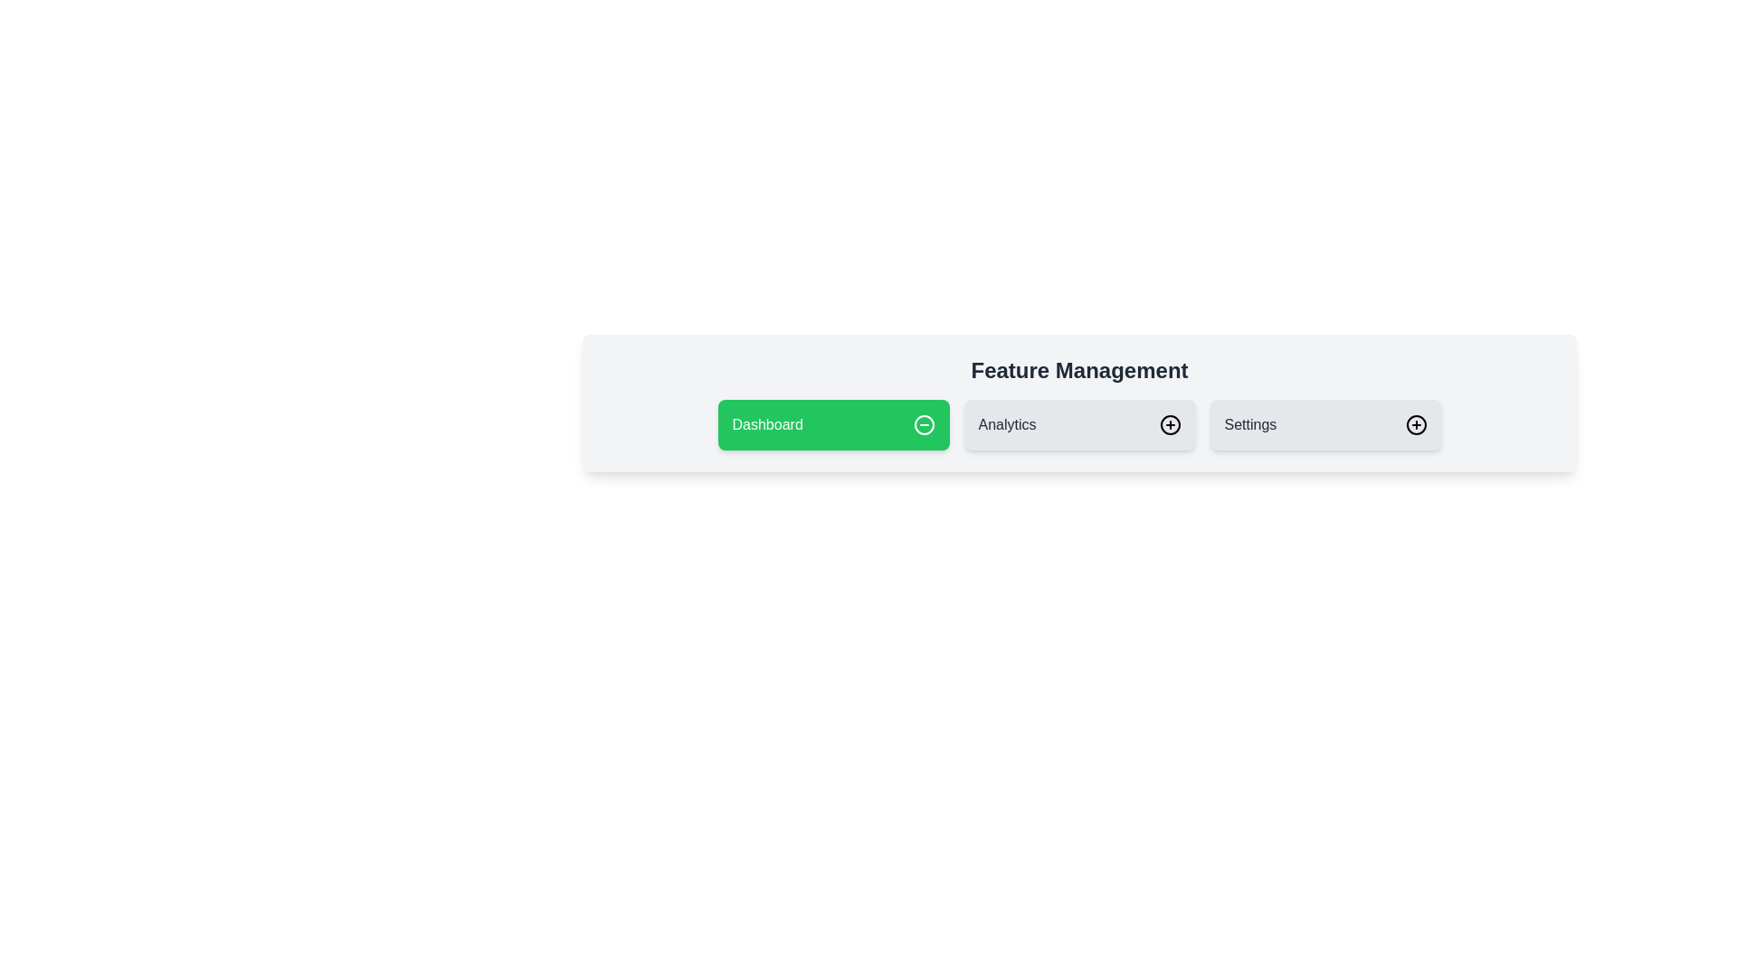  What do you see at coordinates (1170, 425) in the screenshot?
I see `the black outlined circular plus icon located to the right of the 'Analytics' label, inside the gray rounded rectangle` at bounding box center [1170, 425].